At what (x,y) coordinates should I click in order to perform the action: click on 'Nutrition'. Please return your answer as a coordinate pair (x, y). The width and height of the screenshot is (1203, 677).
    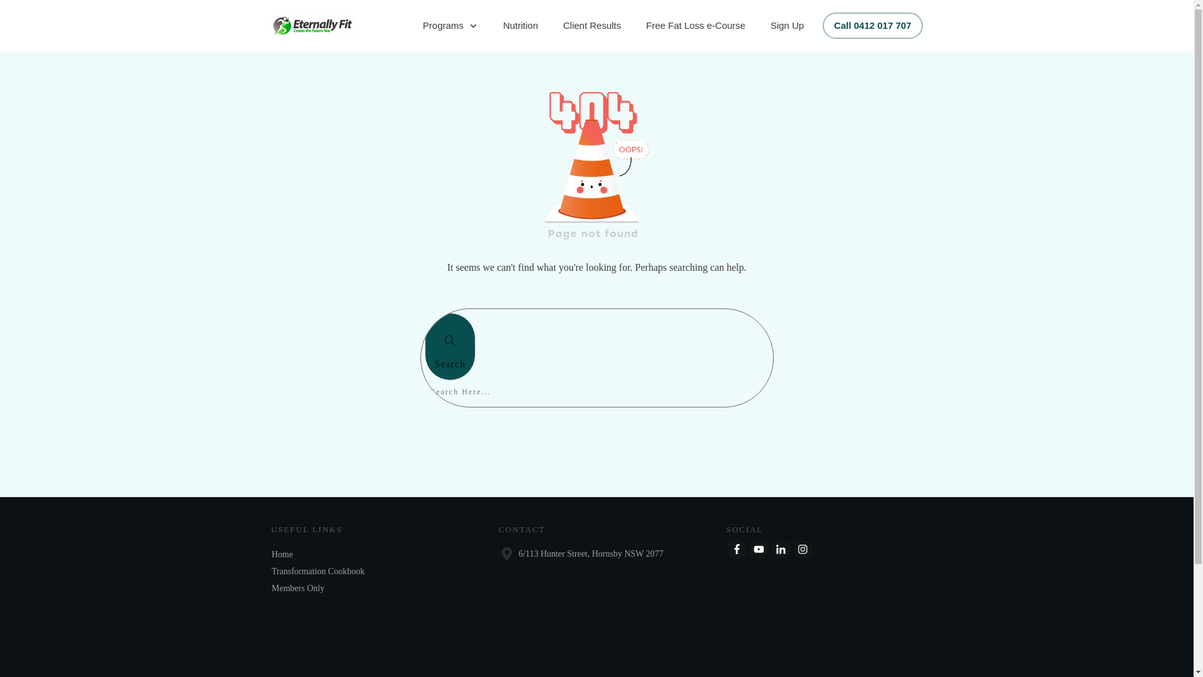
    Looking at the image, I should click on (520, 26).